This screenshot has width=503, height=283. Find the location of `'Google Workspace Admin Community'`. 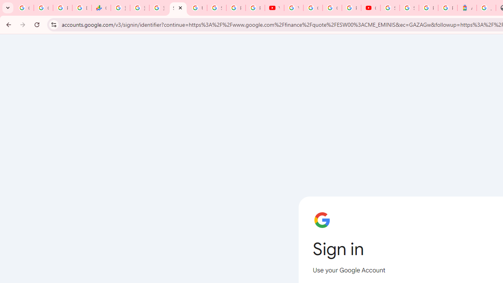

'Google Workspace Admin Community' is located at coordinates (24, 8).